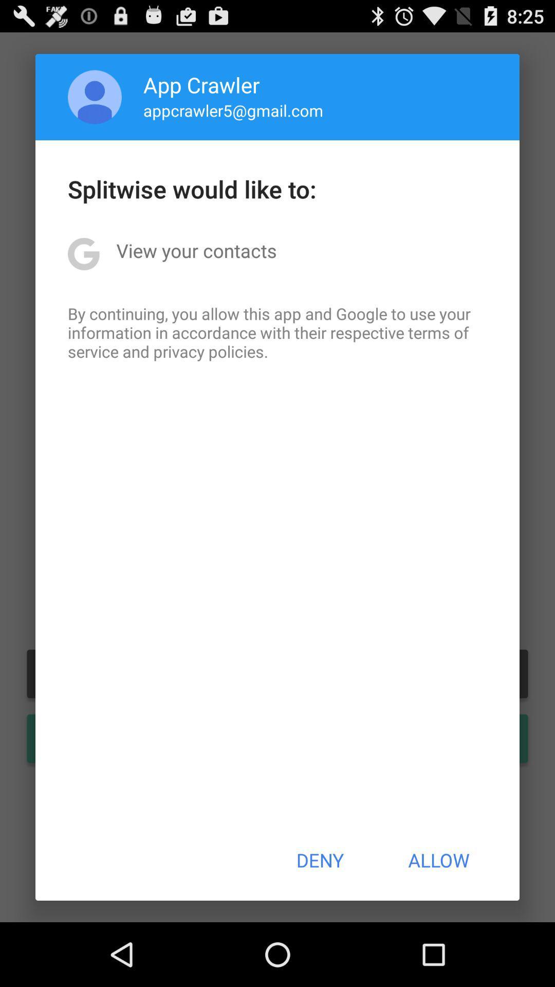 Image resolution: width=555 pixels, height=987 pixels. What do you see at coordinates (95, 97) in the screenshot?
I see `icon above the splitwise would like item` at bounding box center [95, 97].